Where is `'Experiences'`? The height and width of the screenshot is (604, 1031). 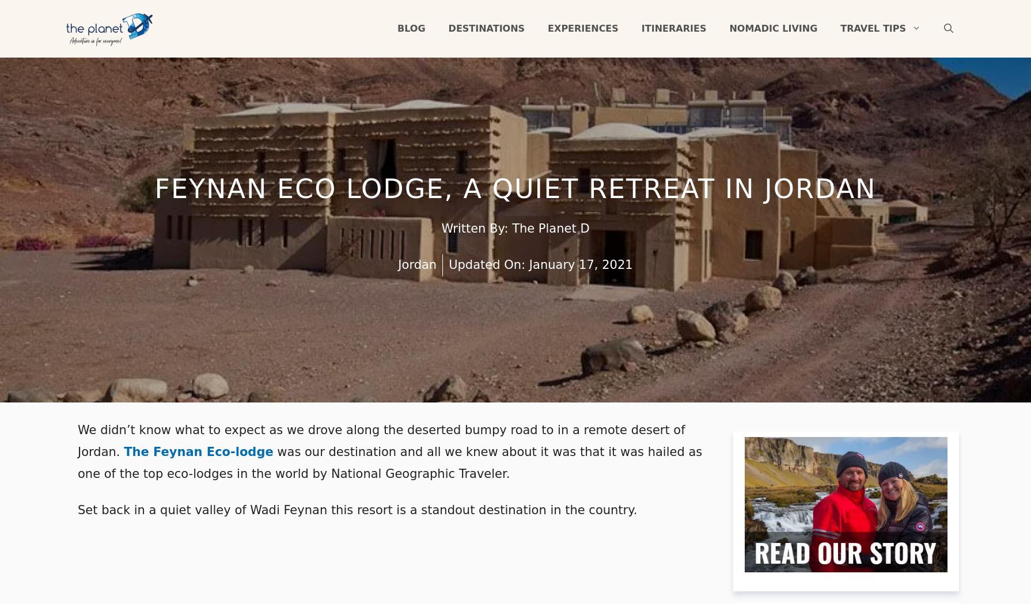 'Experiences' is located at coordinates (548, 28).